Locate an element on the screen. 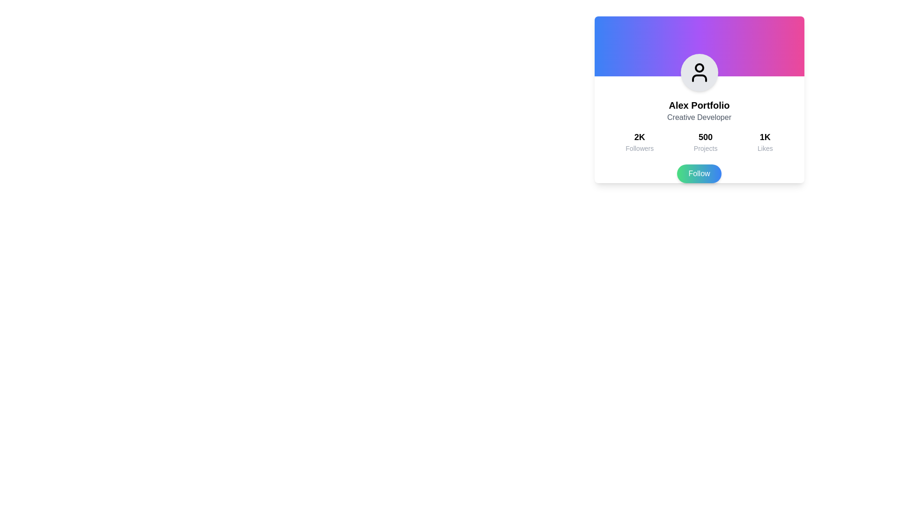 This screenshot has height=506, width=899. text label displaying '2K Followers', which is positioned above the word 'Followers' in a bold and larger font within the card's left section is located at coordinates (639, 137).